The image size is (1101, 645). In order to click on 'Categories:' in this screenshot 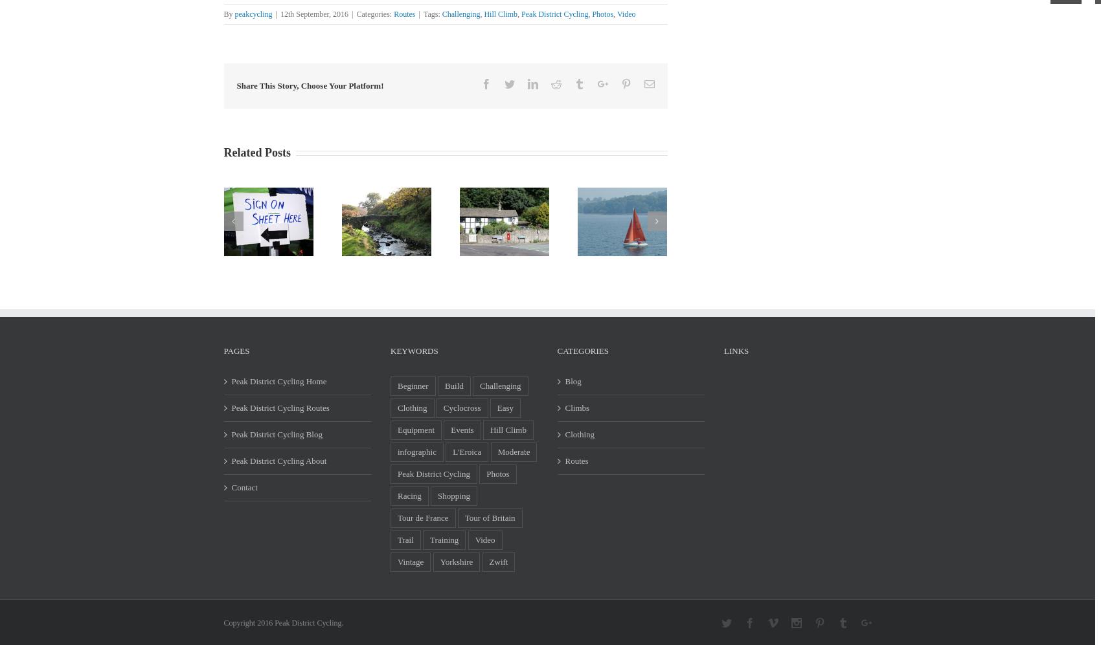, I will do `click(374, 14)`.